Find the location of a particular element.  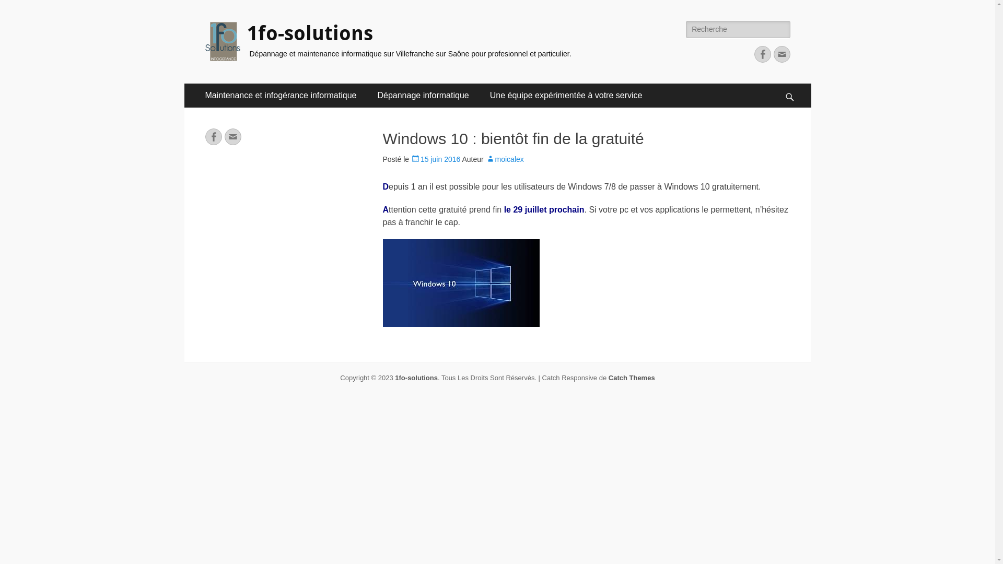

'Recherche' is located at coordinates (795, 83).